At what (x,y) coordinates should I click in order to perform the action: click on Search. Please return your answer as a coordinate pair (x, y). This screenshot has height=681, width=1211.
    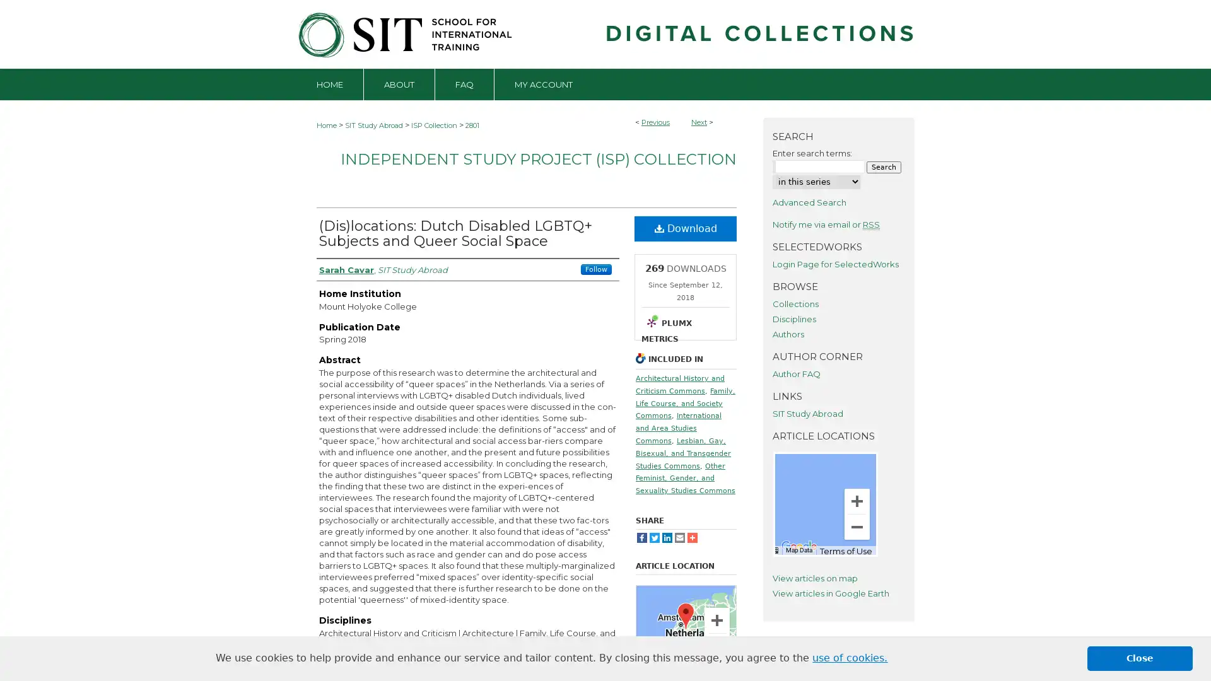
    Looking at the image, I should click on (883, 166).